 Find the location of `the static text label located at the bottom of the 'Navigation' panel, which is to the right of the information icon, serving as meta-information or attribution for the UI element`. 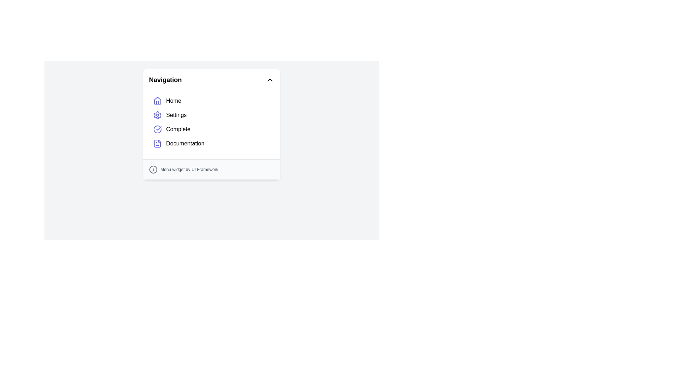

the static text label located at the bottom of the 'Navigation' panel, which is to the right of the information icon, serving as meta-information or attribution for the UI element is located at coordinates (189, 170).